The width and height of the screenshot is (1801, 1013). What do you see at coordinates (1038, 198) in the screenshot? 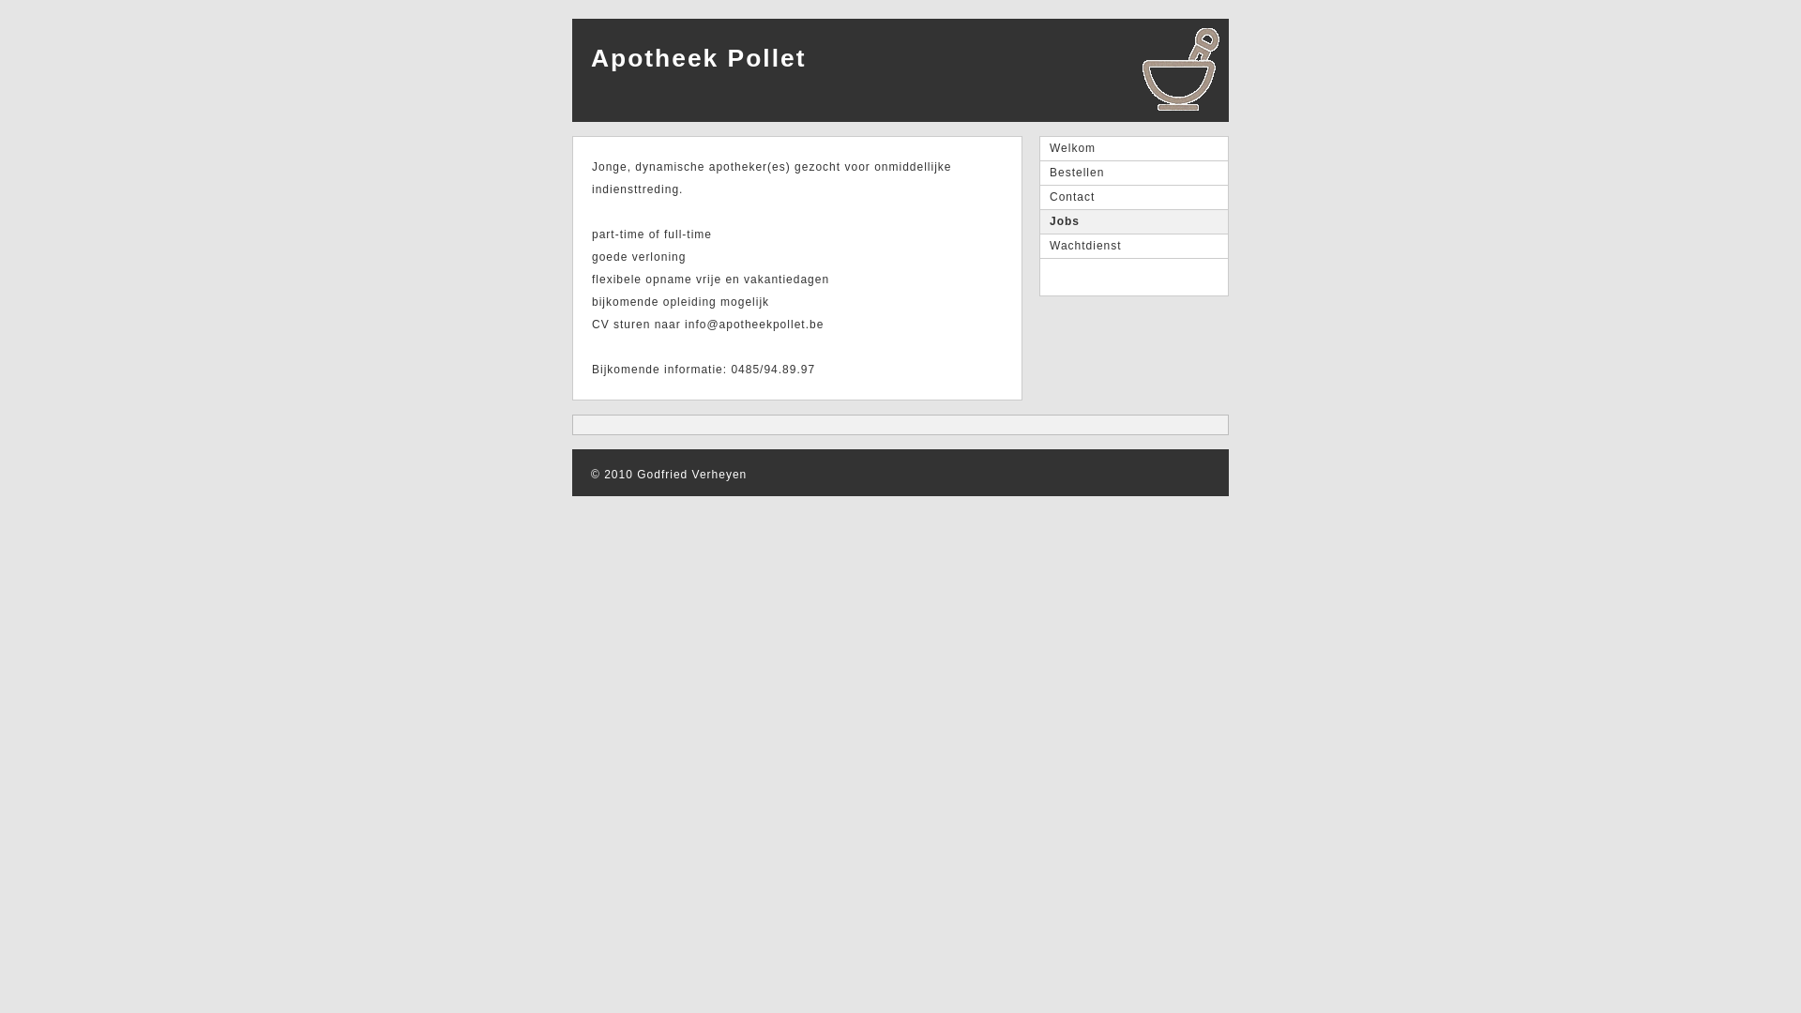
I see `'Contact'` at bounding box center [1038, 198].